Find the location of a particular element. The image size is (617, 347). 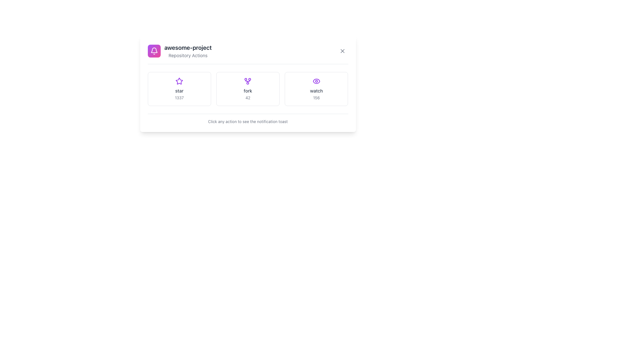

the icon button with a gradient background transitioning from purple to pink, featuring a centered white bell icon is located at coordinates (154, 50).